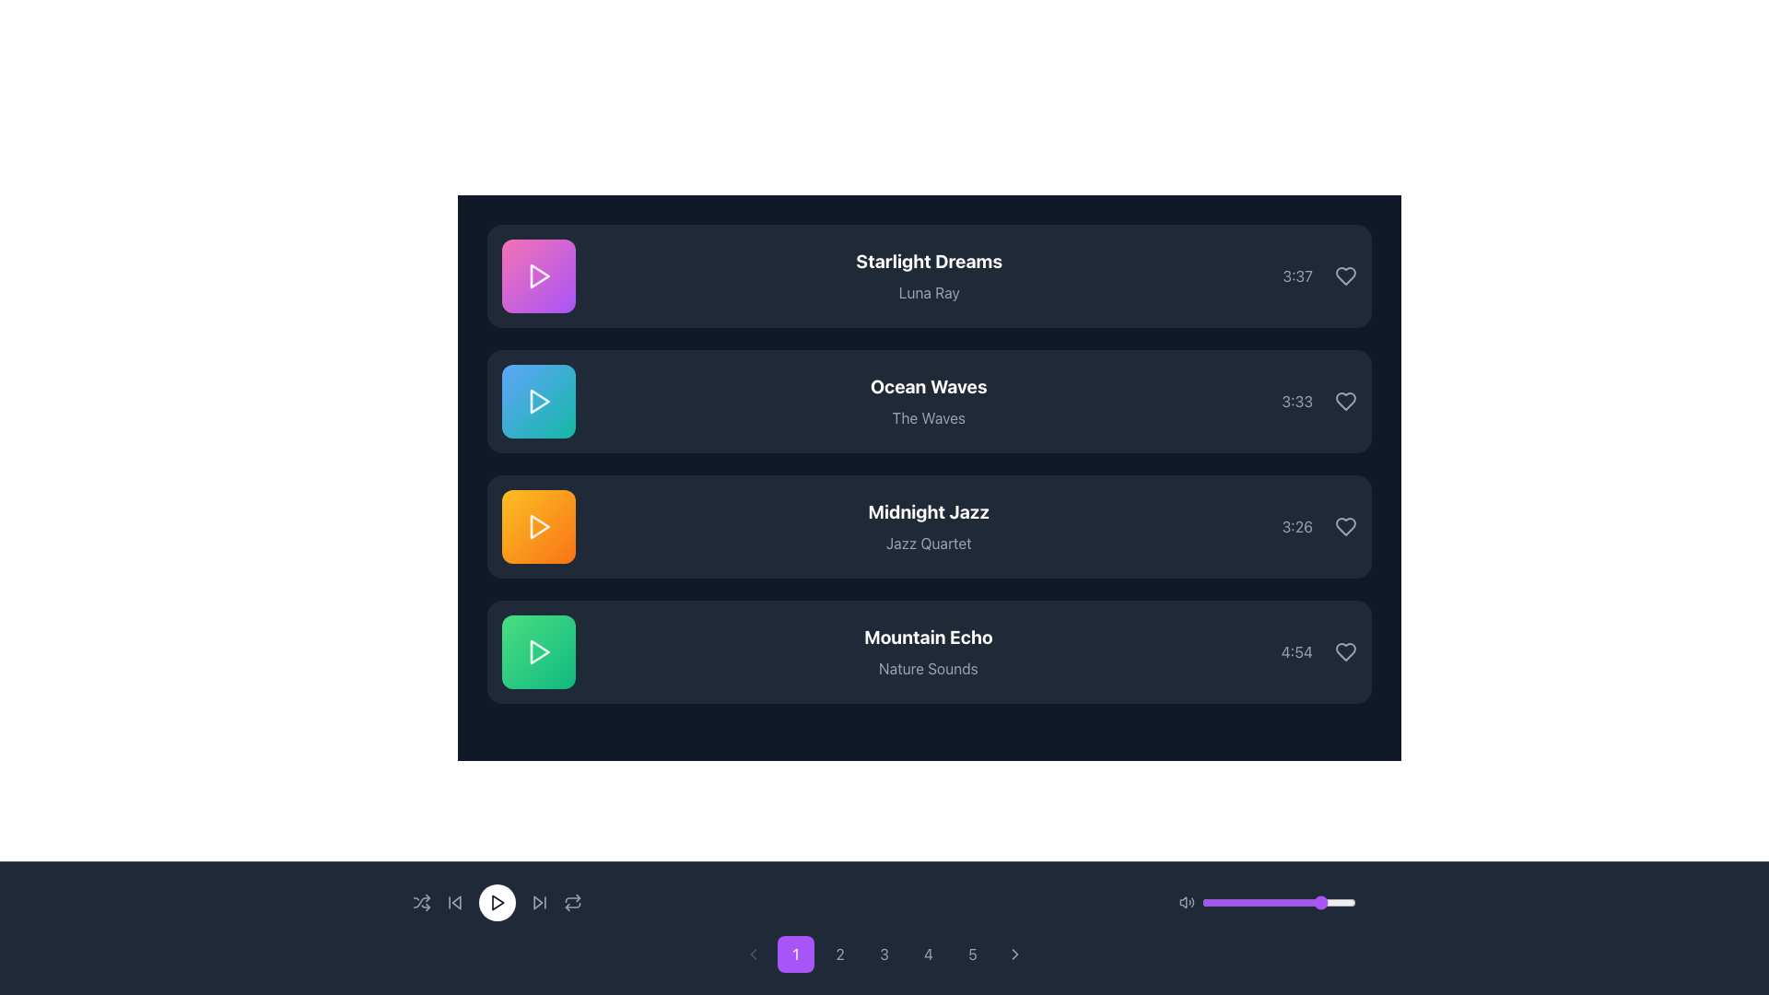 The height and width of the screenshot is (995, 1769). Describe the element at coordinates (1258, 901) in the screenshot. I see `the slider` at that location.